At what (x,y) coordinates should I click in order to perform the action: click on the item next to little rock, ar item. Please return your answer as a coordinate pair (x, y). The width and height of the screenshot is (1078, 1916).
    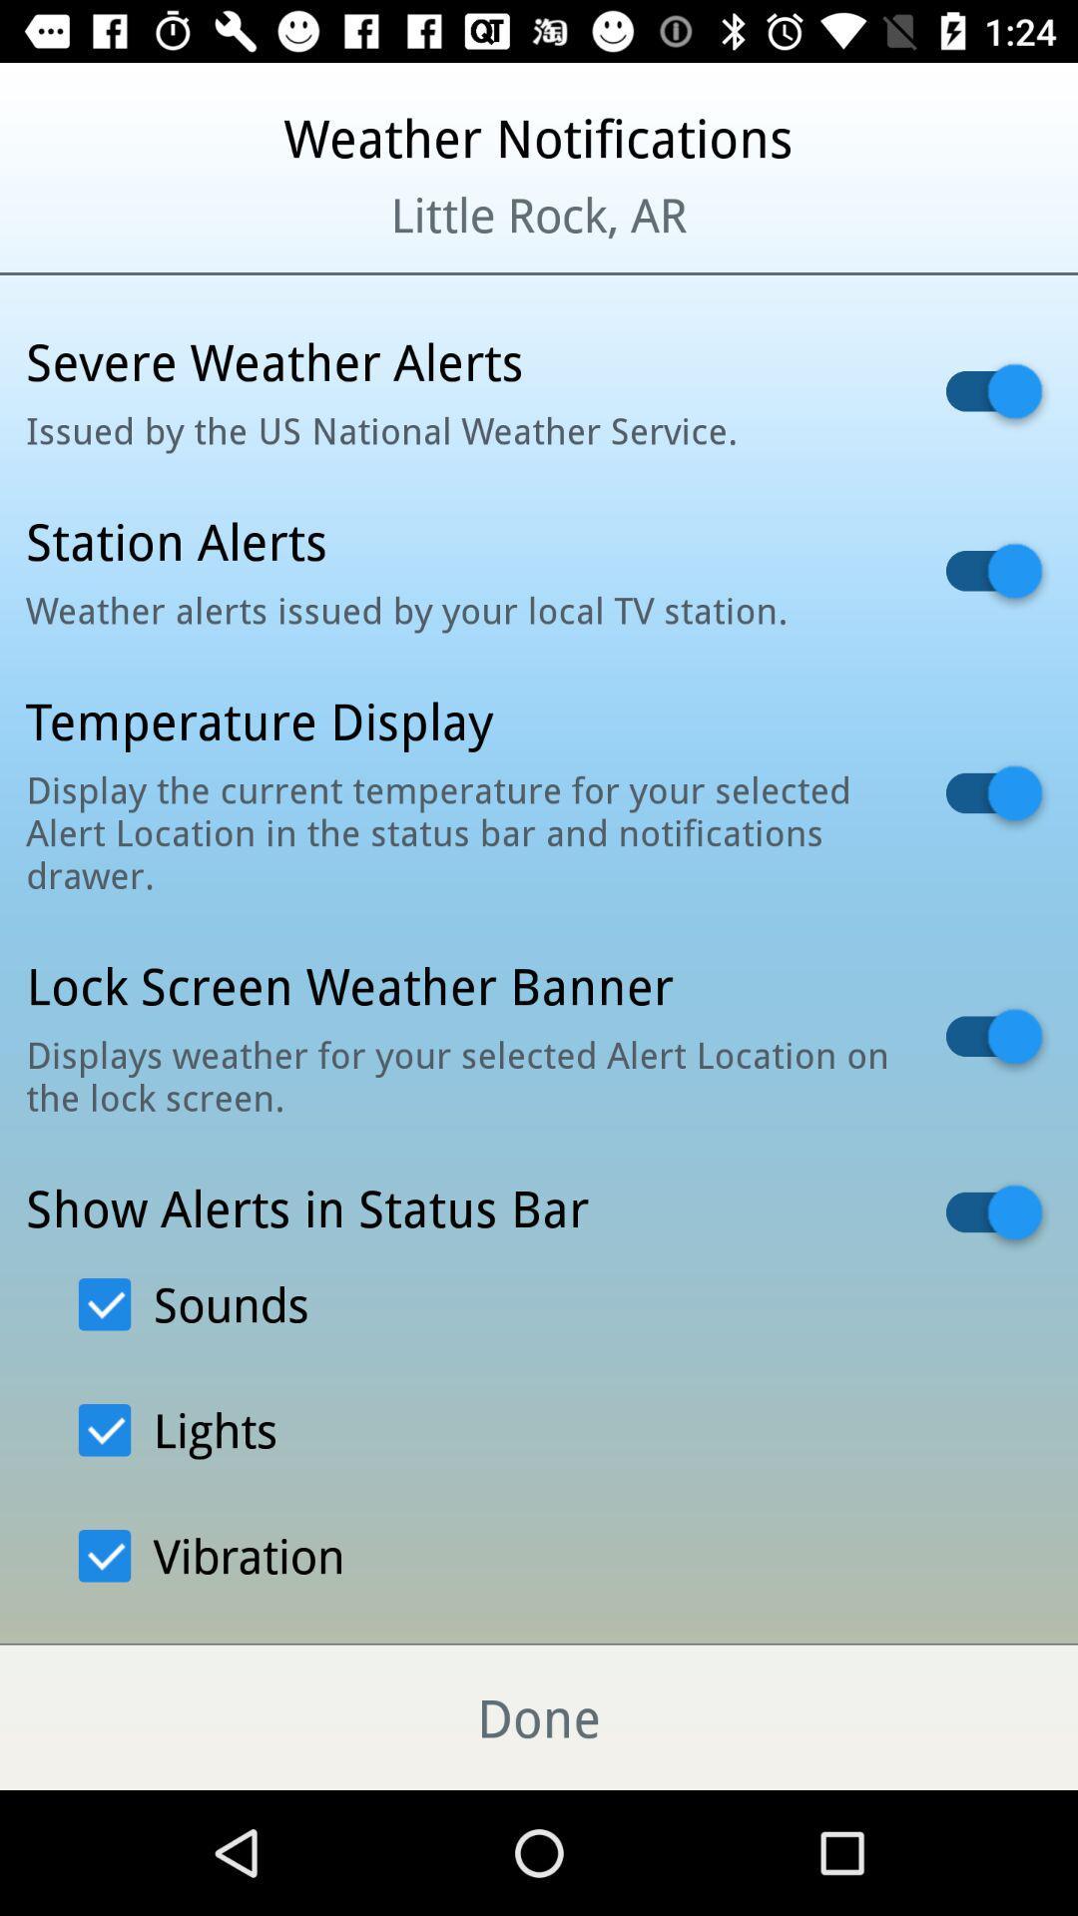
    Looking at the image, I should click on (131, 239).